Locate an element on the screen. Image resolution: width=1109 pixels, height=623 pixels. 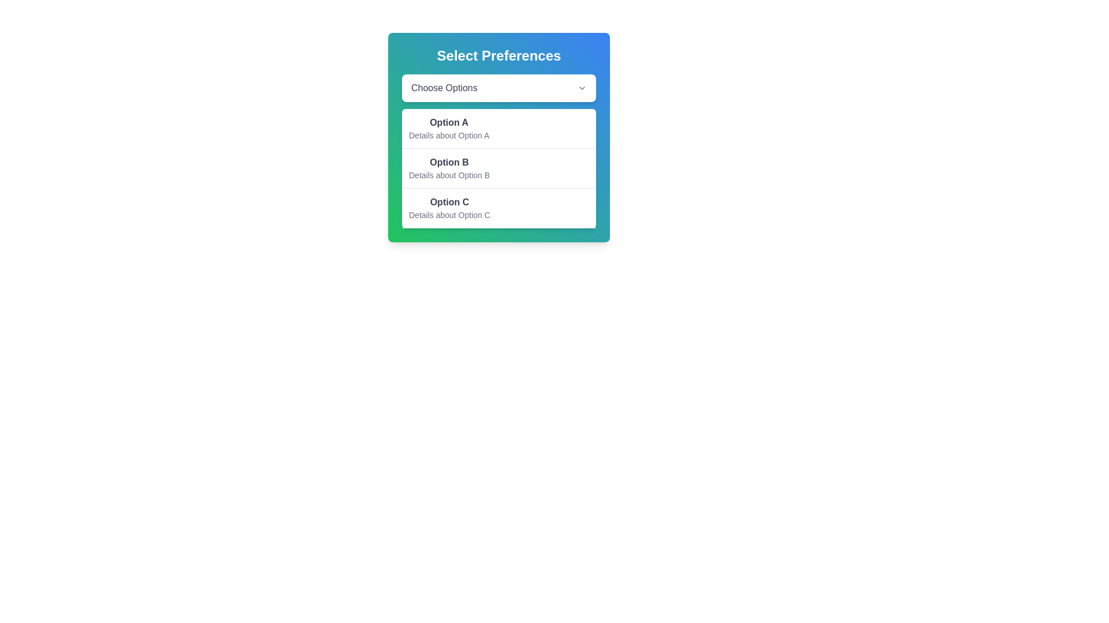
the 'Choose Options' dropdown button, which is a horizontally aligned rectangular button with a white background and rounded corners, located under the 'Select Preferences' title is located at coordinates (499, 88).